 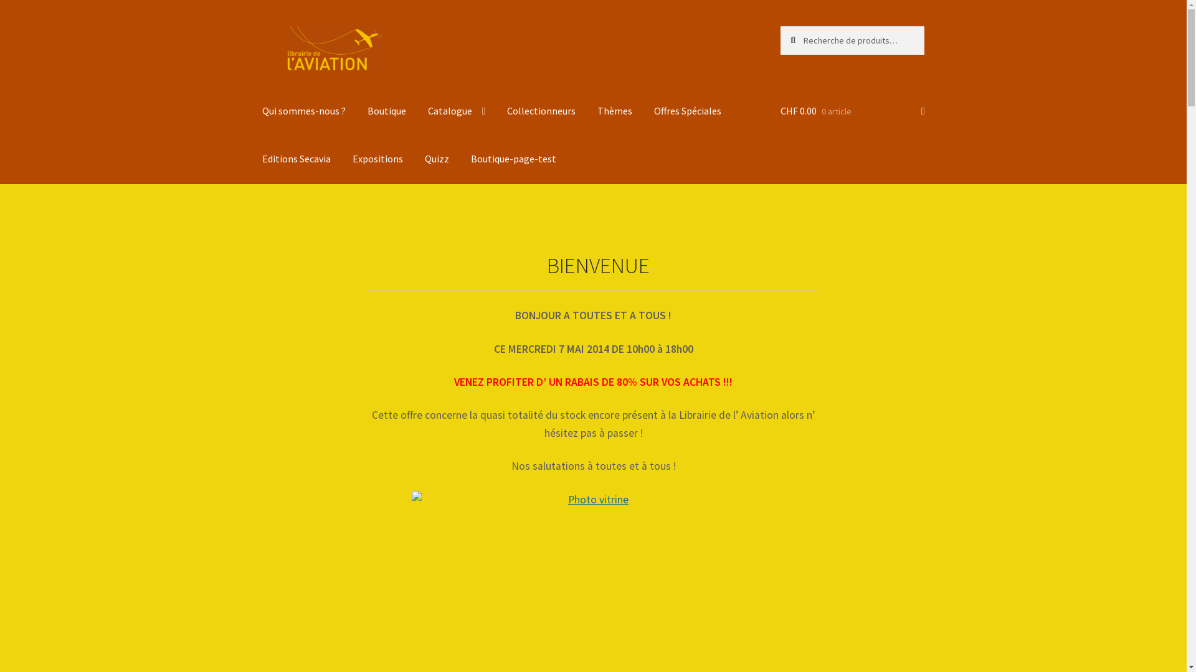 I want to click on 'Boutique-page-test', so click(x=513, y=158).